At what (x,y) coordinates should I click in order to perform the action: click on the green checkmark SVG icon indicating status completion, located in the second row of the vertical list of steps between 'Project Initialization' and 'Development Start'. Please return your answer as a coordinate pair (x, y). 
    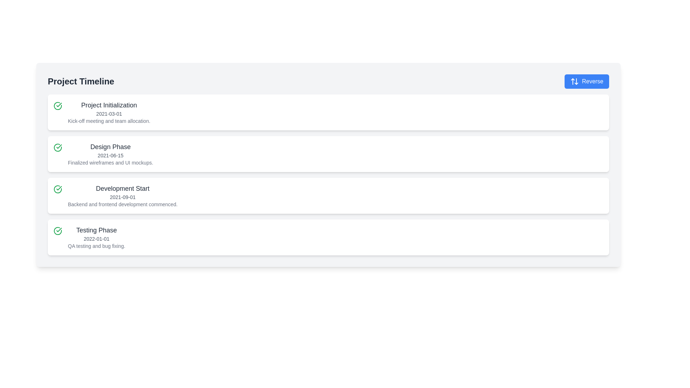
    Looking at the image, I should click on (59, 105).